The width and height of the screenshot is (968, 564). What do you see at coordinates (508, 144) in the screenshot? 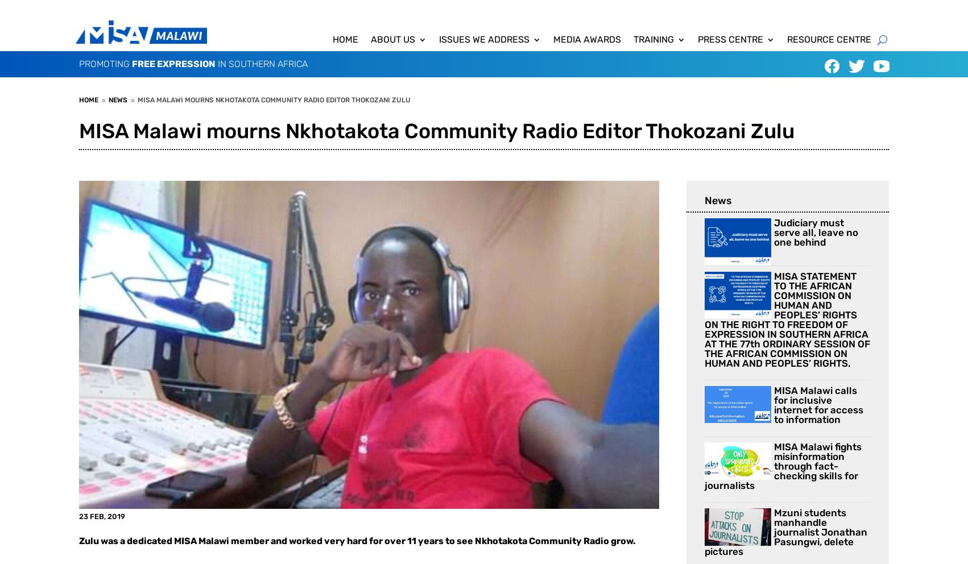
I see `'Media, elections & governance'` at bounding box center [508, 144].